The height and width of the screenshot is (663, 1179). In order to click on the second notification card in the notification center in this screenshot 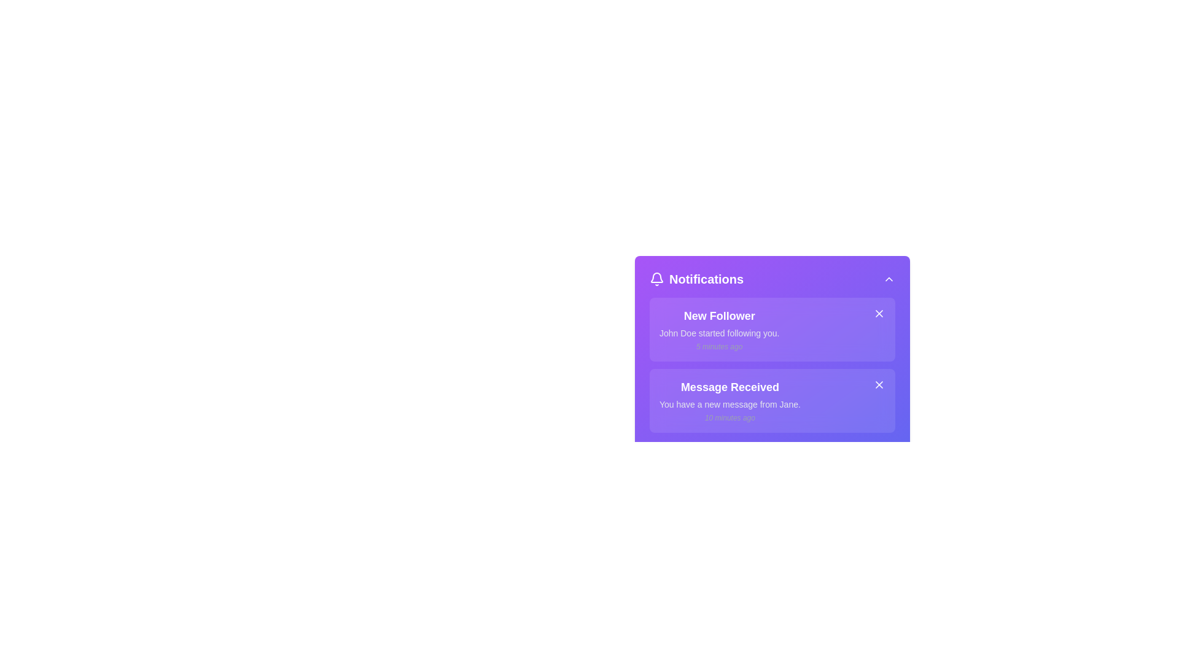, I will do `click(730, 400)`.